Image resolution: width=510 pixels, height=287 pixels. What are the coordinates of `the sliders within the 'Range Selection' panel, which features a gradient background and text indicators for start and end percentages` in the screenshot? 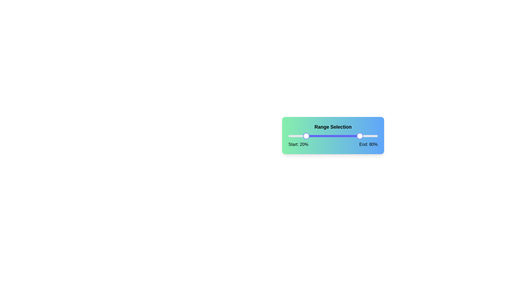 It's located at (333, 135).